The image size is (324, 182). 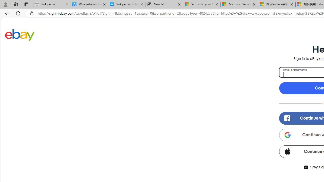 I want to click on 'Class: ggl-icon', so click(x=287, y=134).